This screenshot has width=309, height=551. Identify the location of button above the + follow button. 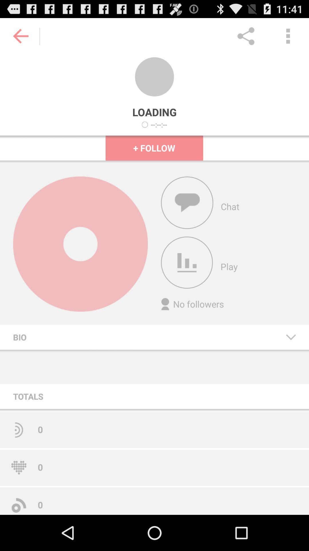
(159, 124).